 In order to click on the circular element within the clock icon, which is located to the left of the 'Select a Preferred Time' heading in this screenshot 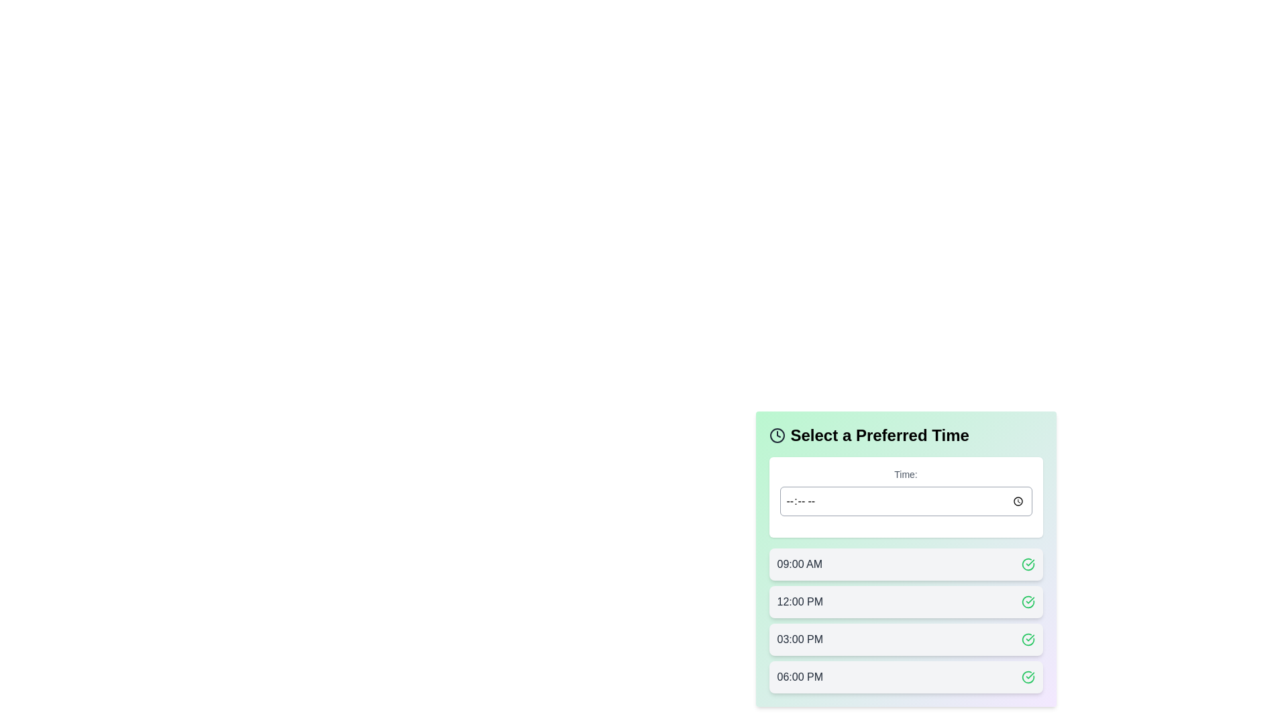, I will do `click(777, 435)`.